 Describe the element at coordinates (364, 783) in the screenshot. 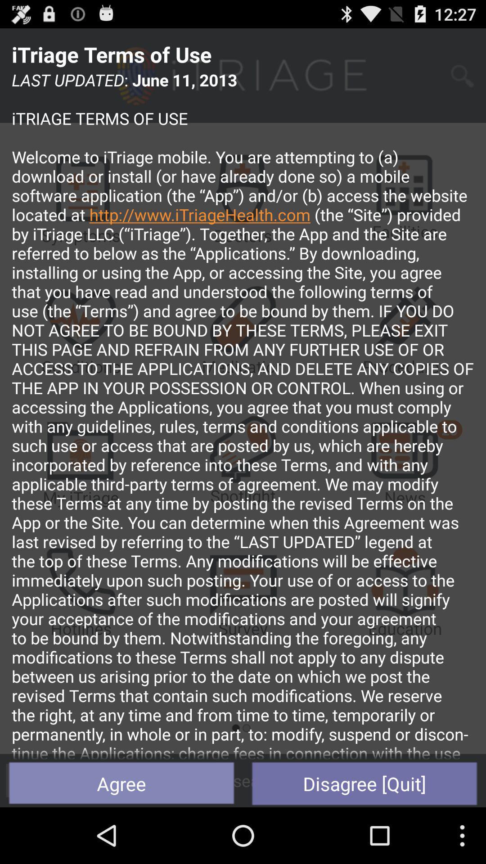

I see `the item next to the agree button` at that location.